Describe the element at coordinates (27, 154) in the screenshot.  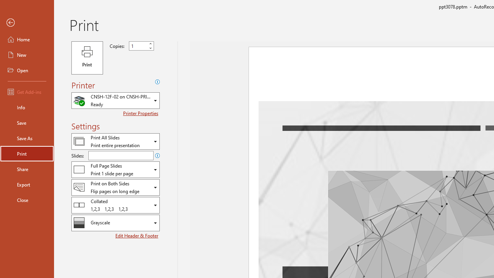
I see `'Print'` at that location.